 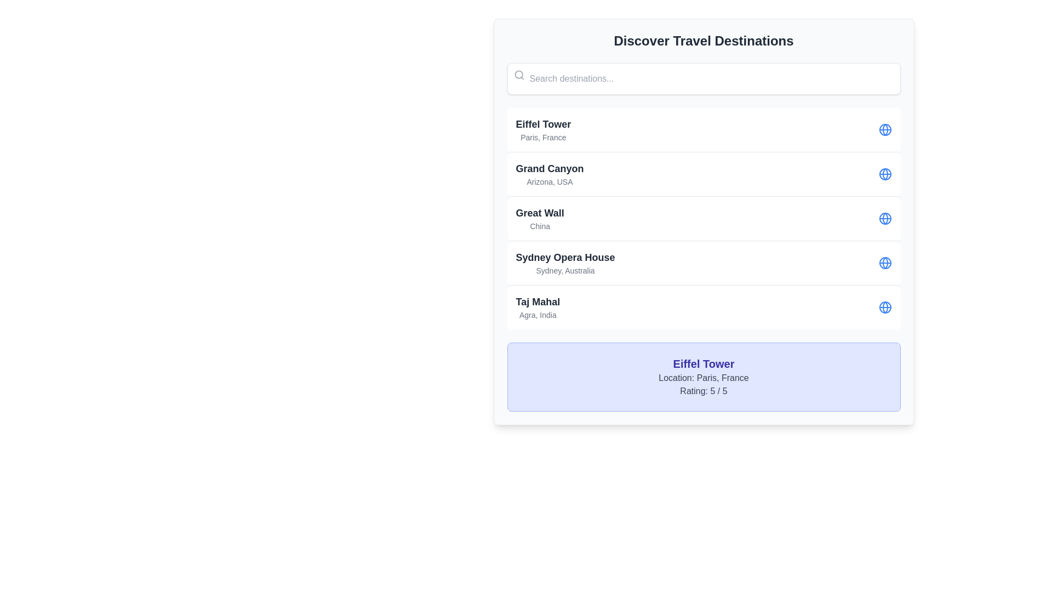 What do you see at coordinates (885, 307) in the screenshot?
I see `the small circular icon within the globe icon located to the right of 'Taj Mahal, Agra, India' in the travel destinations list` at bounding box center [885, 307].